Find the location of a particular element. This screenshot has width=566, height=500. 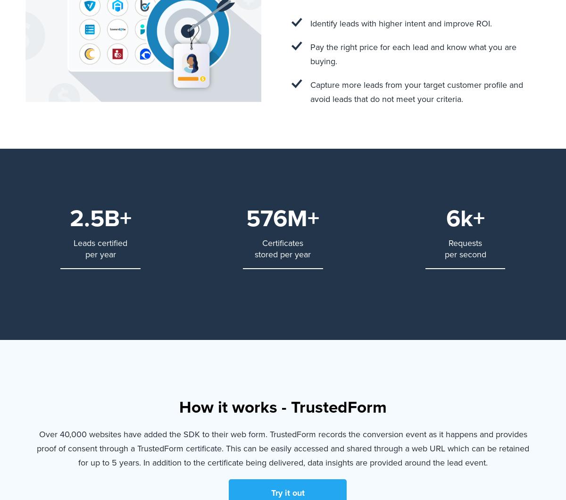

'2.5B+' is located at coordinates (69, 217).